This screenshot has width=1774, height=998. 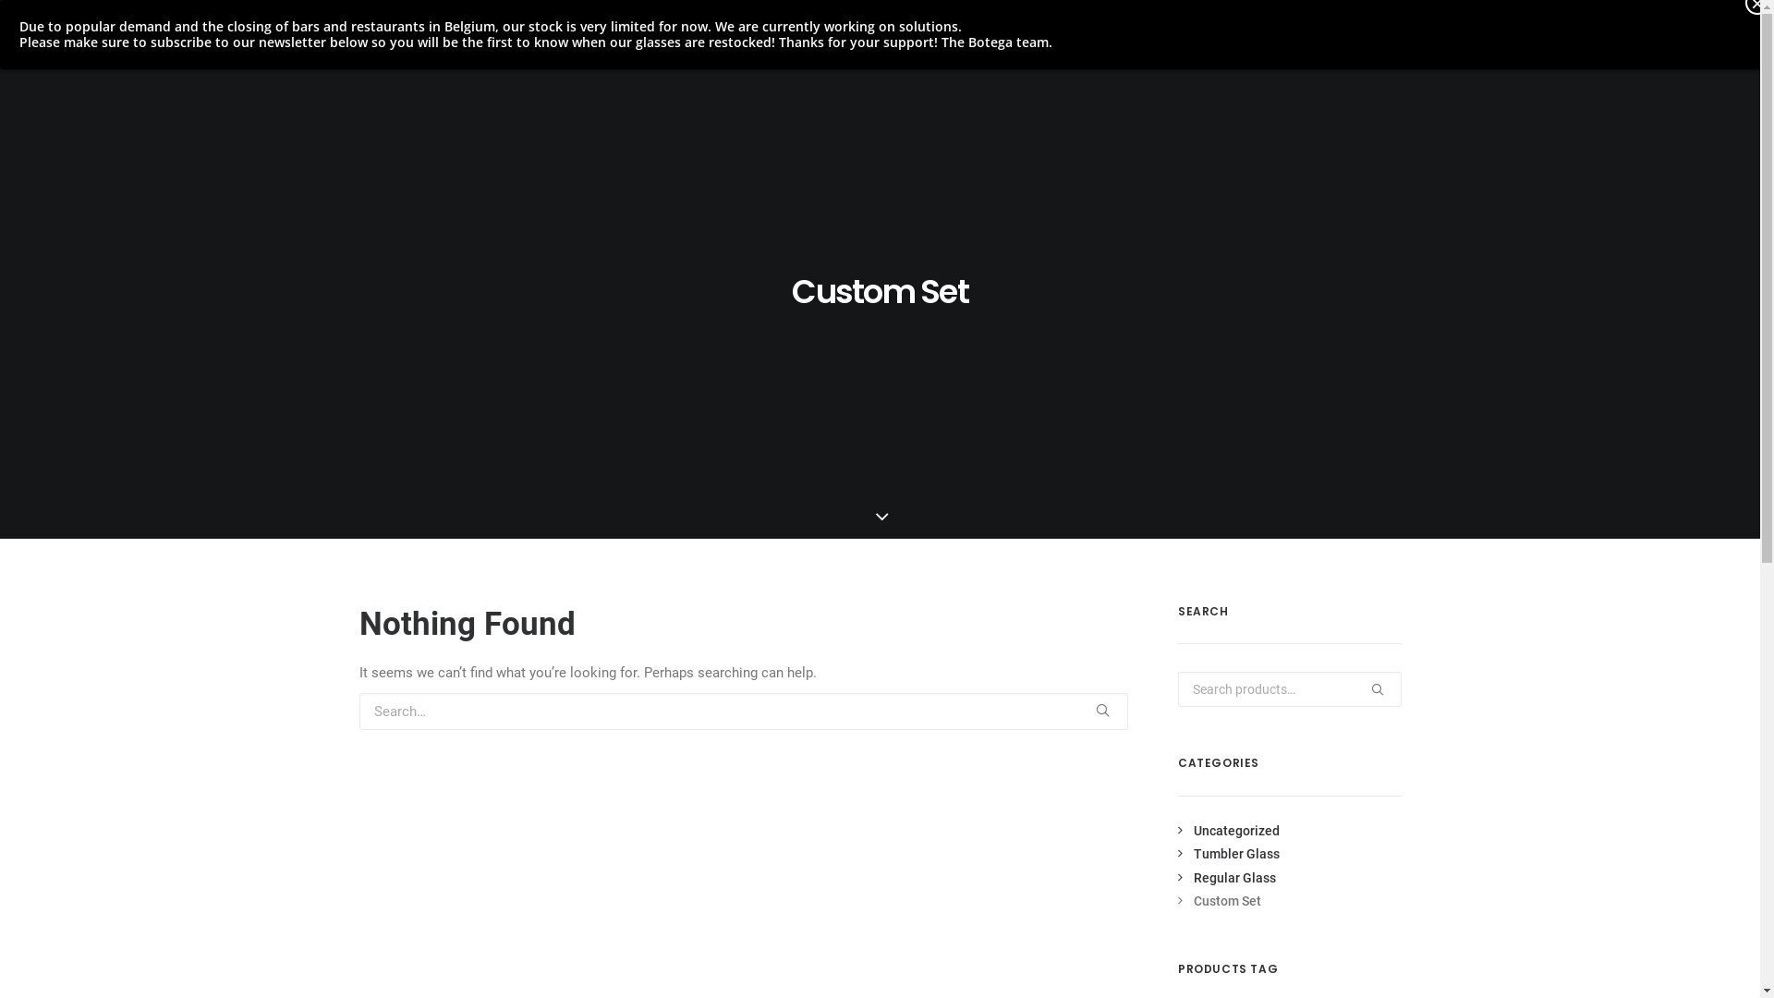 I want to click on 'Custom Set', so click(x=1220, y=900).